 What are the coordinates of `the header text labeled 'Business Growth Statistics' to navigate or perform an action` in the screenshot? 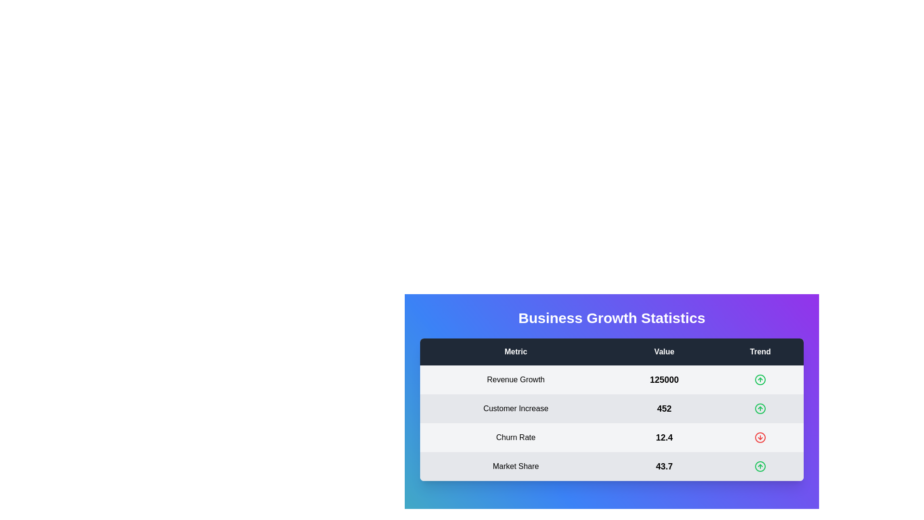 It's located at (611, 324).